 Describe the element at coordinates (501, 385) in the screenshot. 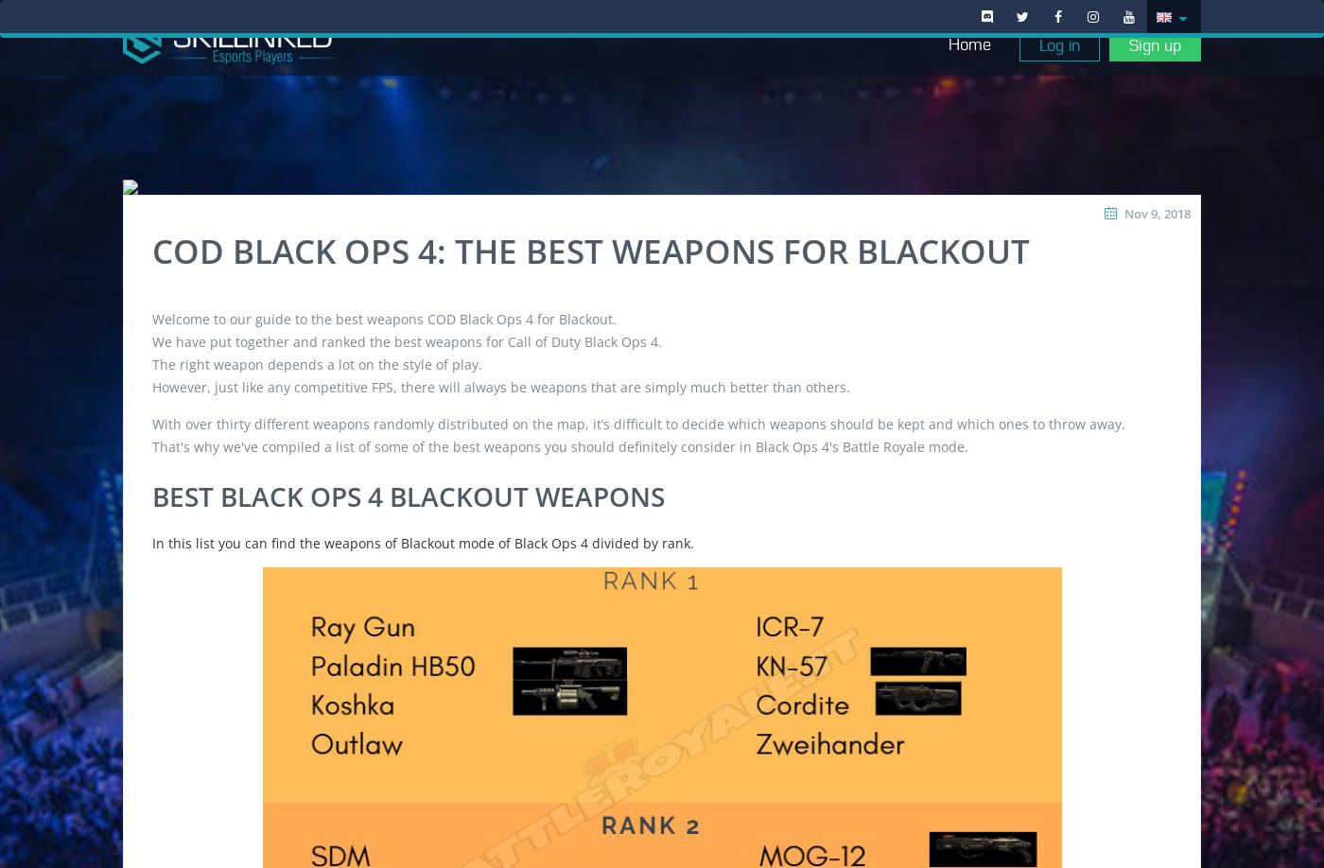

I see `'However, just like any competitive FPS, there will always be weapons that are simply much better than others.'` at that location.